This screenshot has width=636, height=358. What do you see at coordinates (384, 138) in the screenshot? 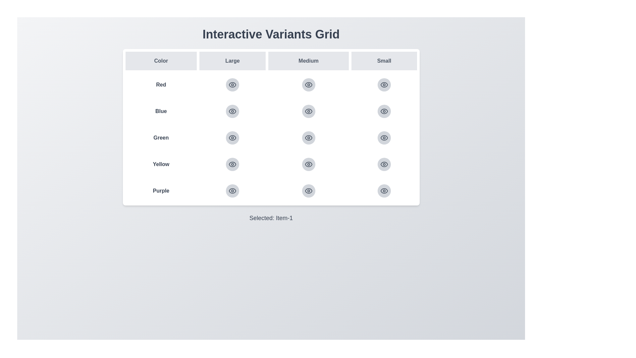
I see `the graphical SVG component within the eye icon located in the 'Small' grid section and 'Green' row, which signifies an action related` at bounding box center [384, 138].